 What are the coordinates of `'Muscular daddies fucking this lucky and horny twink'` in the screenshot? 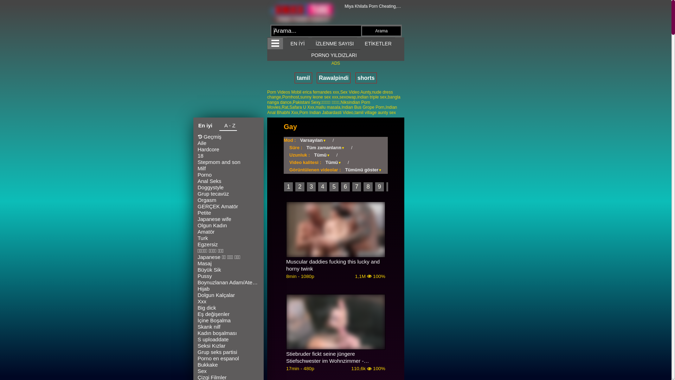 It's located at (286, 265).